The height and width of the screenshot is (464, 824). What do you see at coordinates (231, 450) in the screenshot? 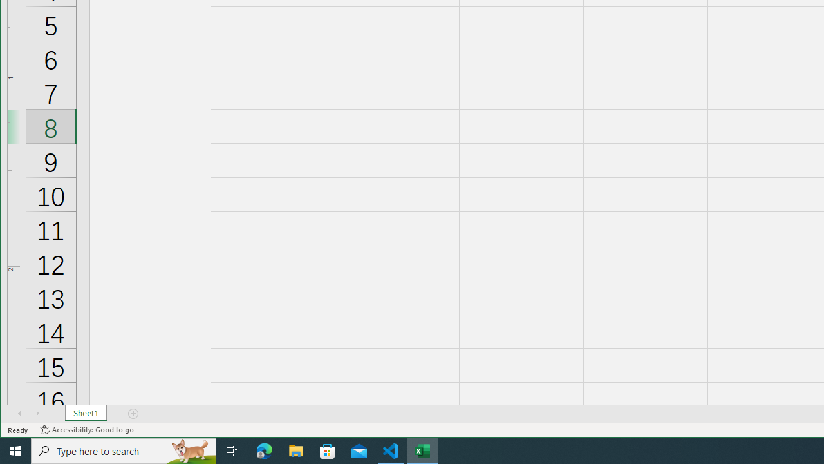
I see `'Task View'` at bounding box center [231, 450].